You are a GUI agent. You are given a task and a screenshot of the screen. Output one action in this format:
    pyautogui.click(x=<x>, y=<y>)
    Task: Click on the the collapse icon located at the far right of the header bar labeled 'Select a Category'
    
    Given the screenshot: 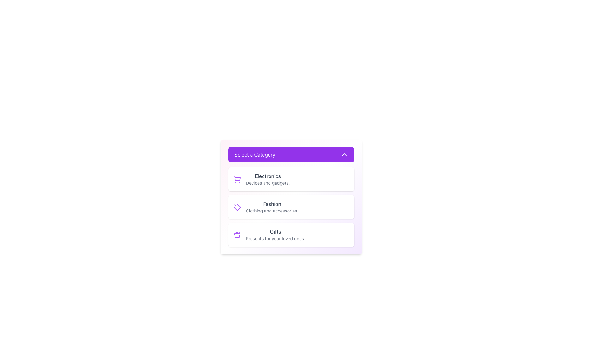 What is the action you would take?
    pyautogui.click(x=344, y=154)
    